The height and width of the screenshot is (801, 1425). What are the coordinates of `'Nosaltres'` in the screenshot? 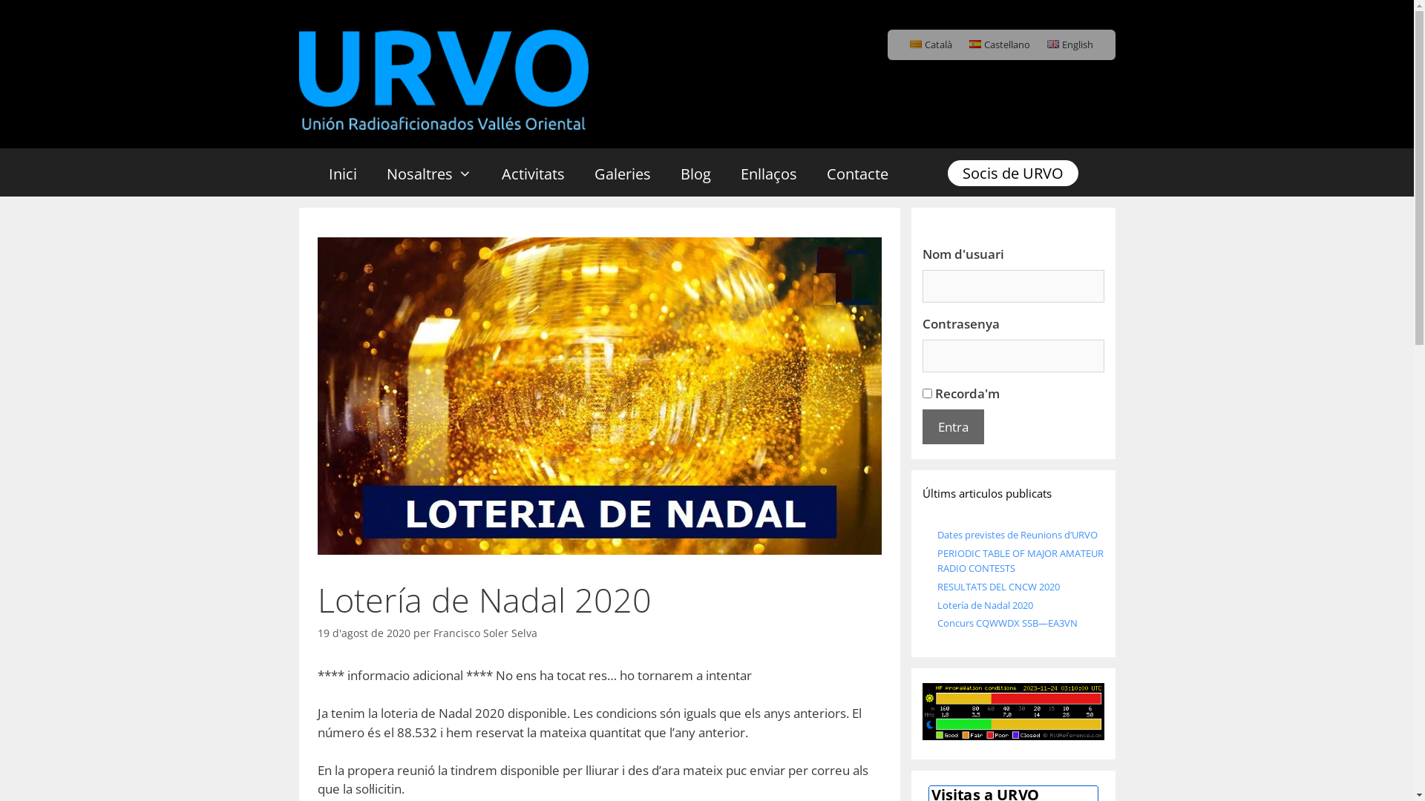 It's located at (427, 174).